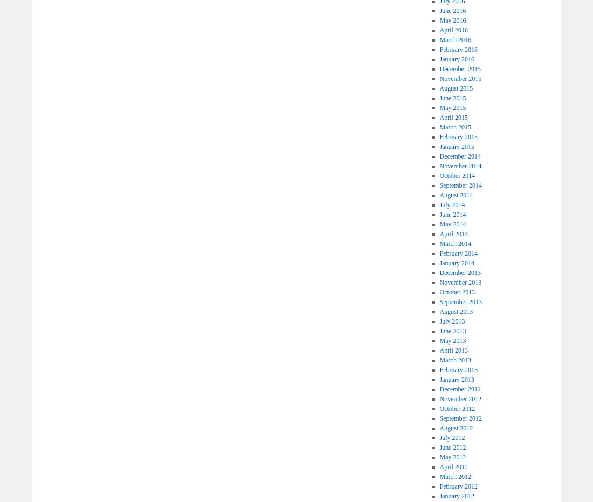 The width and height of the screenshot is (593, 502). Describe the element at coordinates (452, 223) in the screenshot. I see `'May 2014'` at that location.